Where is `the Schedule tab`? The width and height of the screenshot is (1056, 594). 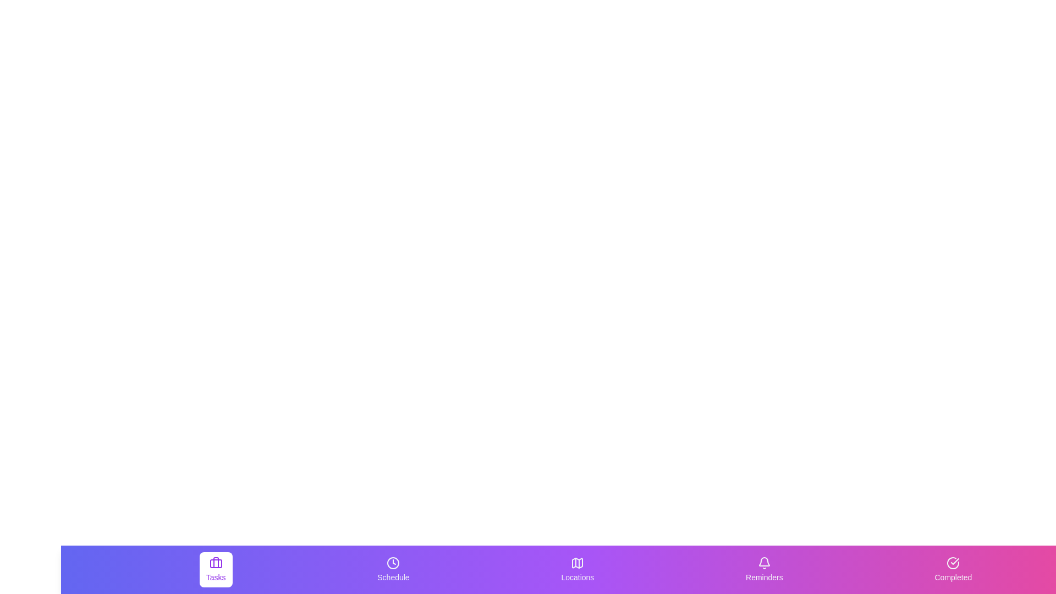
the Schedule tab is located at coordinates (393, 569).